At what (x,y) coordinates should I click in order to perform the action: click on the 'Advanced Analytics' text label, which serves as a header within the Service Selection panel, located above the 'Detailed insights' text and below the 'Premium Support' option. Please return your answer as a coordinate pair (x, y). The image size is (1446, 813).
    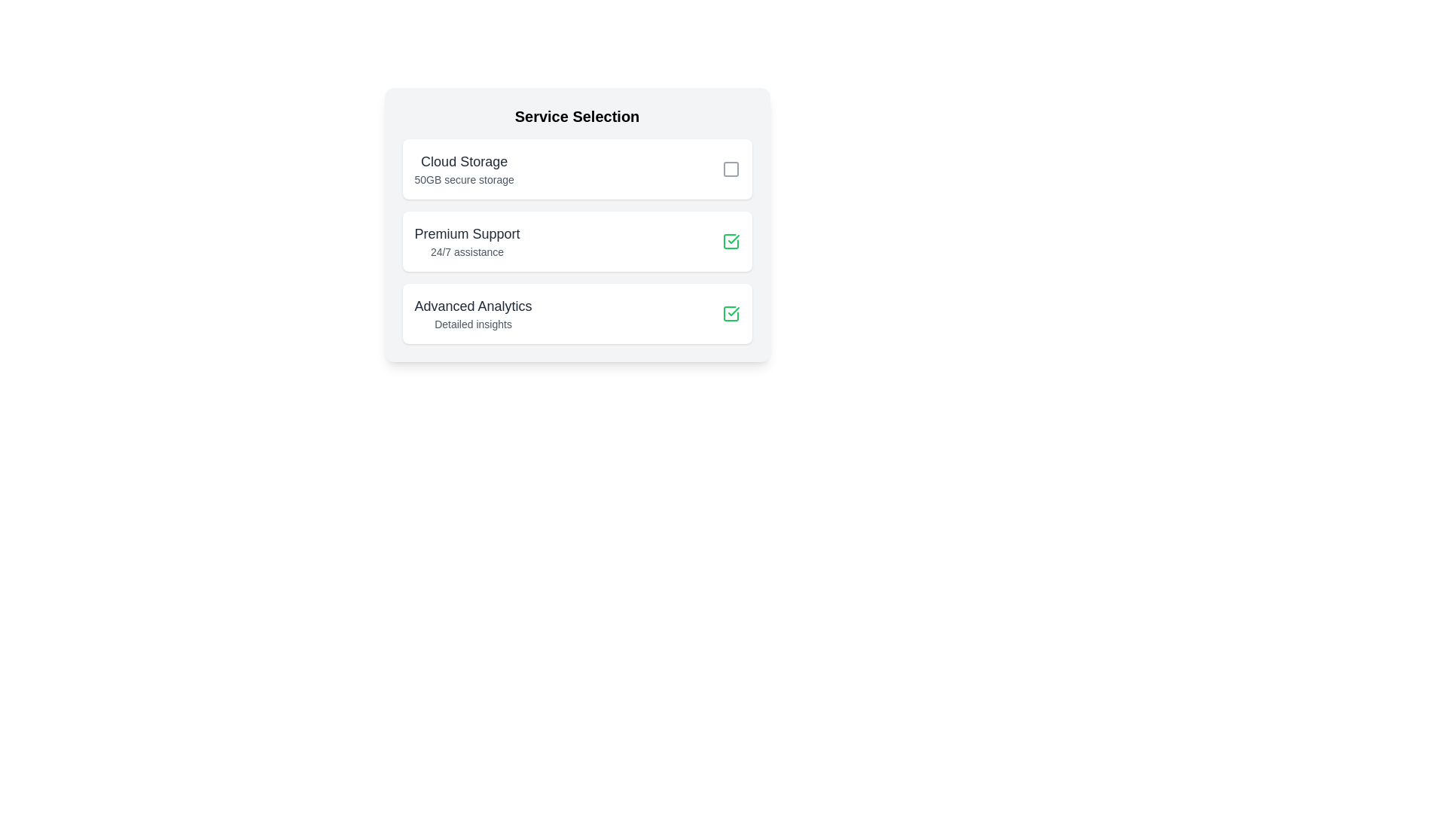
    Looking at the image, I should click on (472, 306).